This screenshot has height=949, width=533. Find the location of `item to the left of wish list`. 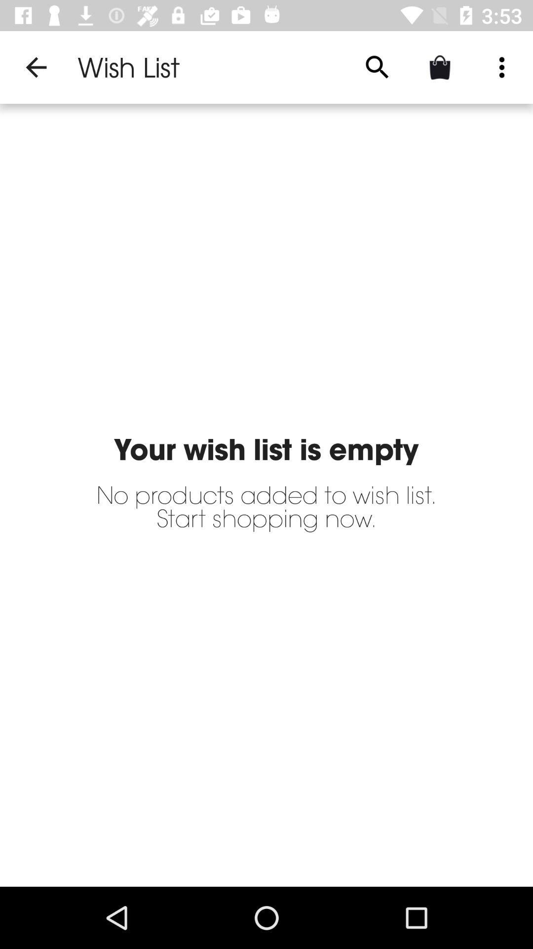

item to the left of wish list is located at coordinates (36, 67).